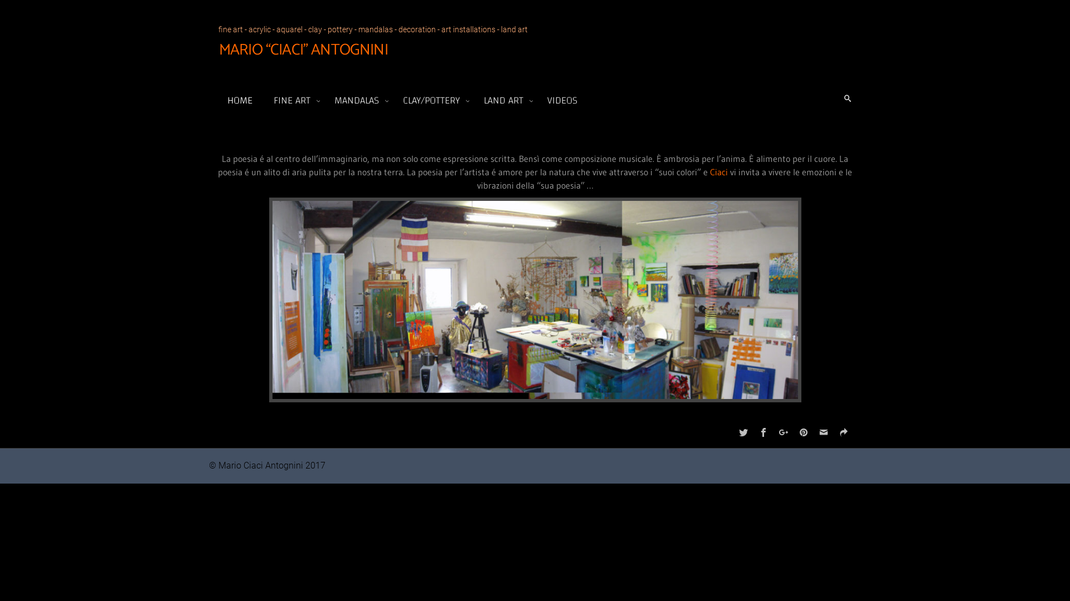  What do you see at coordinates (505, 100) in the screenshot?
I see `'LAND ART'` at bounding box center [505, 100].